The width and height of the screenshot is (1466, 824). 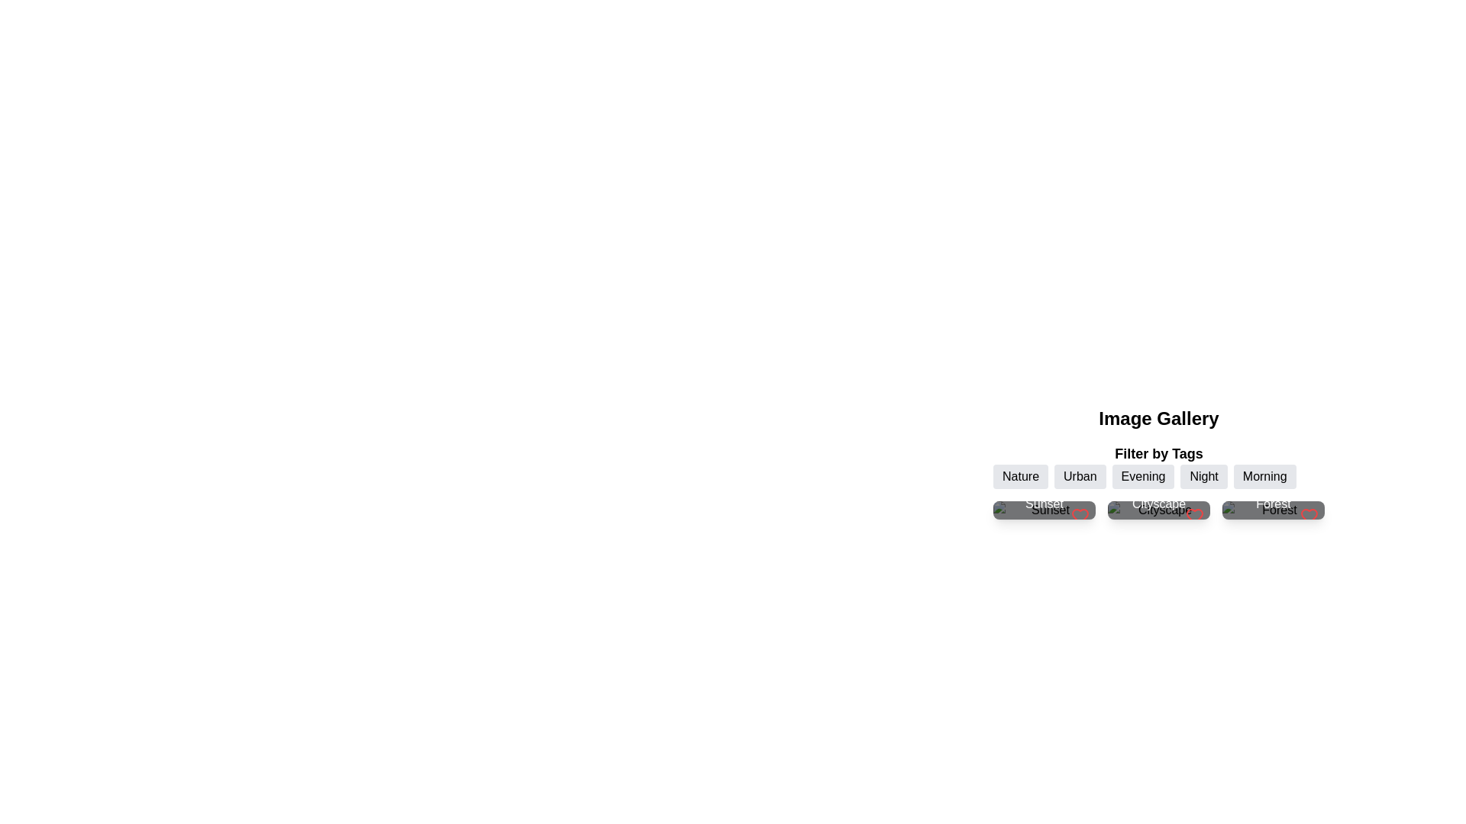 I want to click on the small, symmetrical red heart icon located on the card labeled 'Sunset' in the 'Image Gallery' section to potentially see a tooltip or interaction effect, so click(x=1080, y=516).